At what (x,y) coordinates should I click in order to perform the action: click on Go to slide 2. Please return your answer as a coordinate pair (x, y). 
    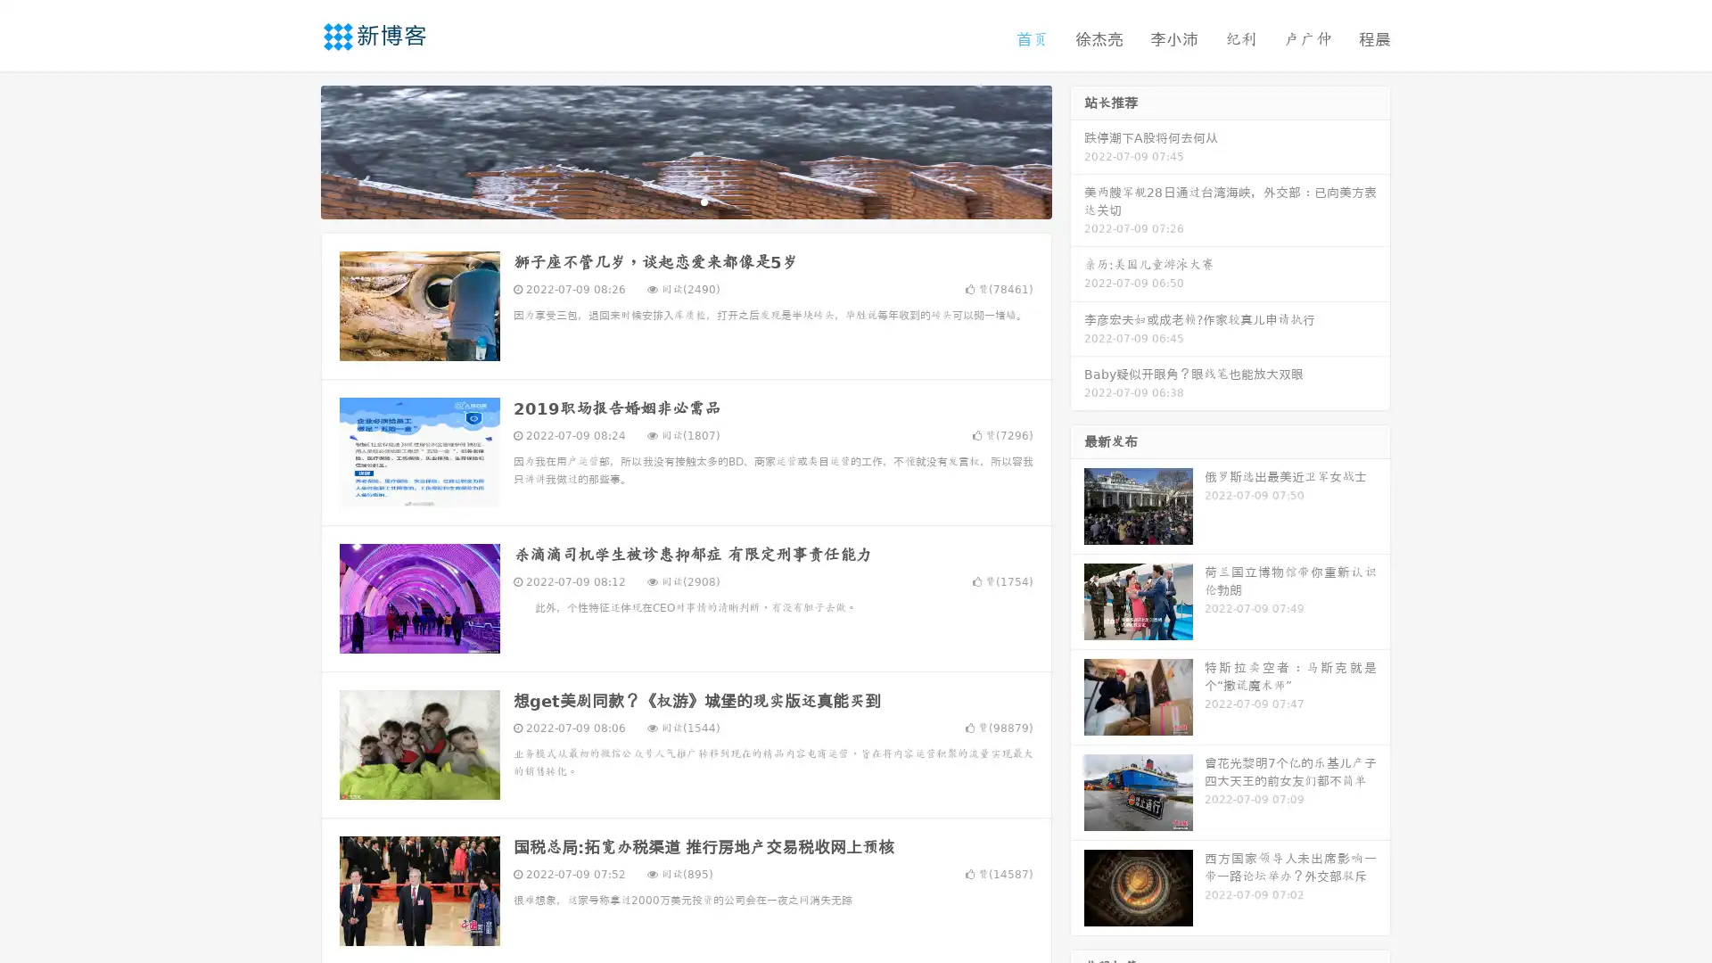
    Looking at the image, I should click on (685, 201).